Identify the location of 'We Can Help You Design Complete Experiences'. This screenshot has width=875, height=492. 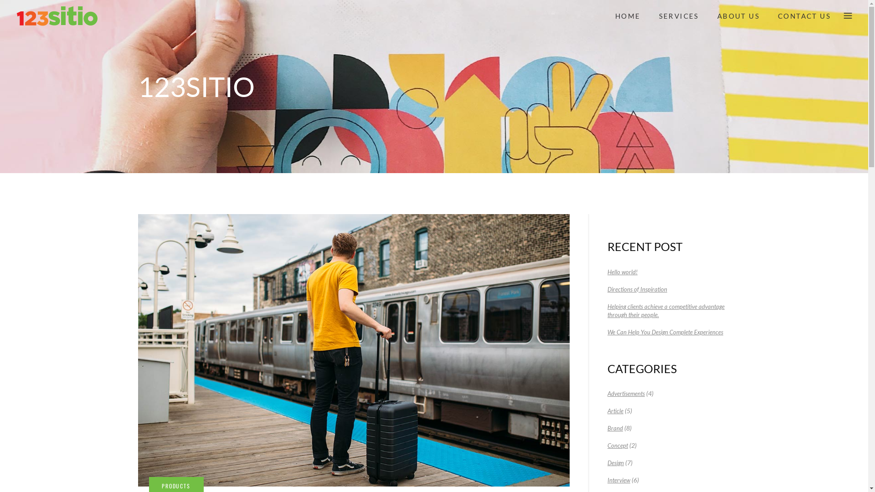
(607, 332).